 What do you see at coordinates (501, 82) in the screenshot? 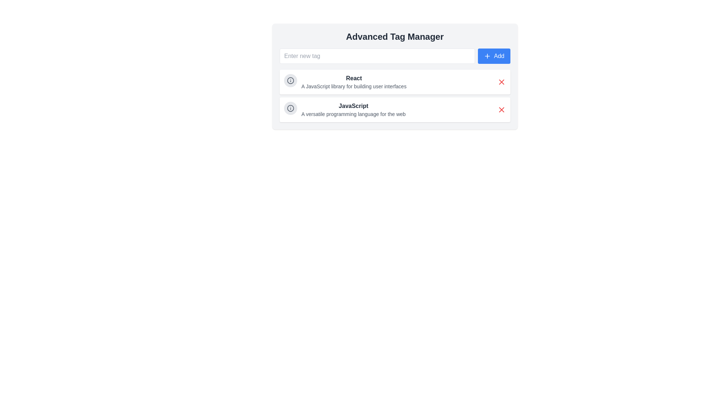
I see `the Close icon button located at the far-right end of the first row in the vertically stacked list of items` at bounding box center [501, 82].